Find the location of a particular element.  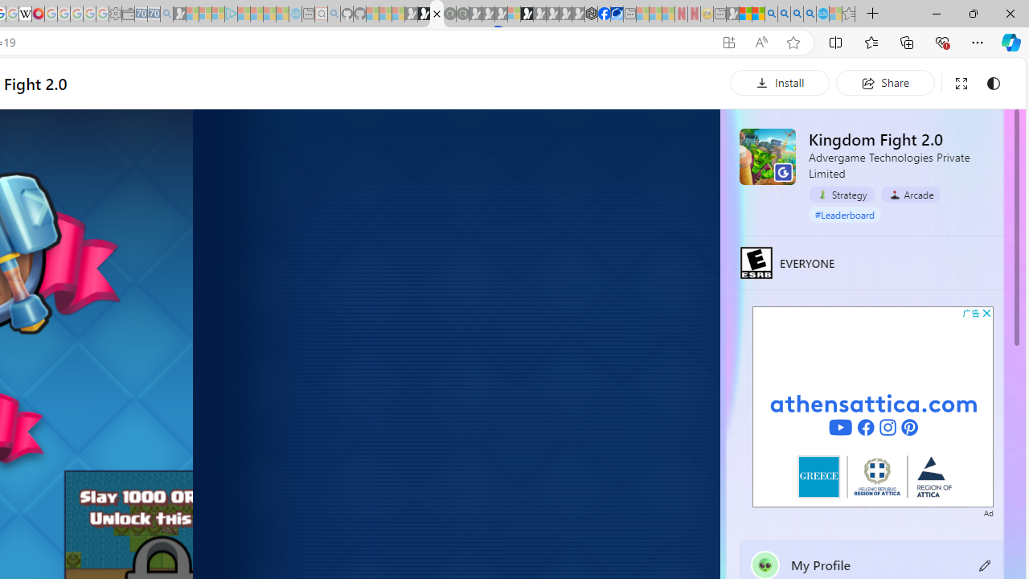

'Bing AI - Search' is located at coordinates (770, 14).